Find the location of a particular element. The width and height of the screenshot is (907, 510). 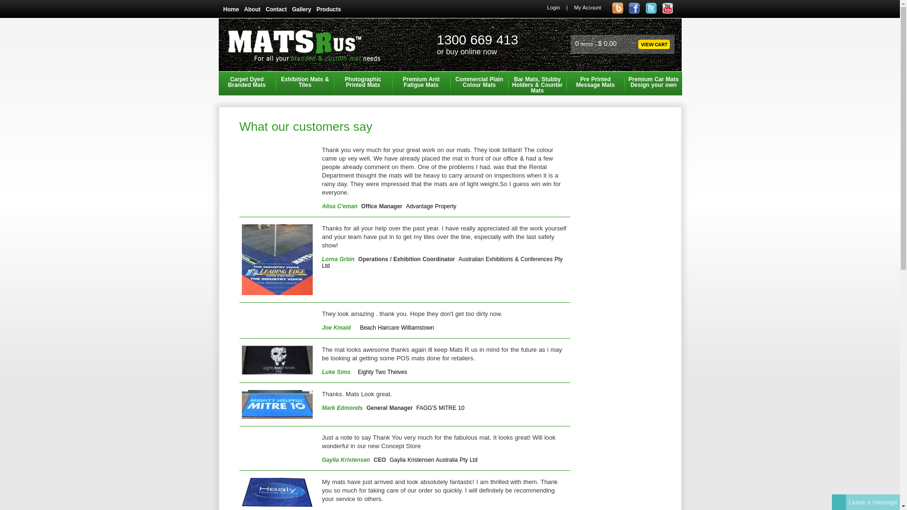

'Gallery' is located at coordinates (304, 9).